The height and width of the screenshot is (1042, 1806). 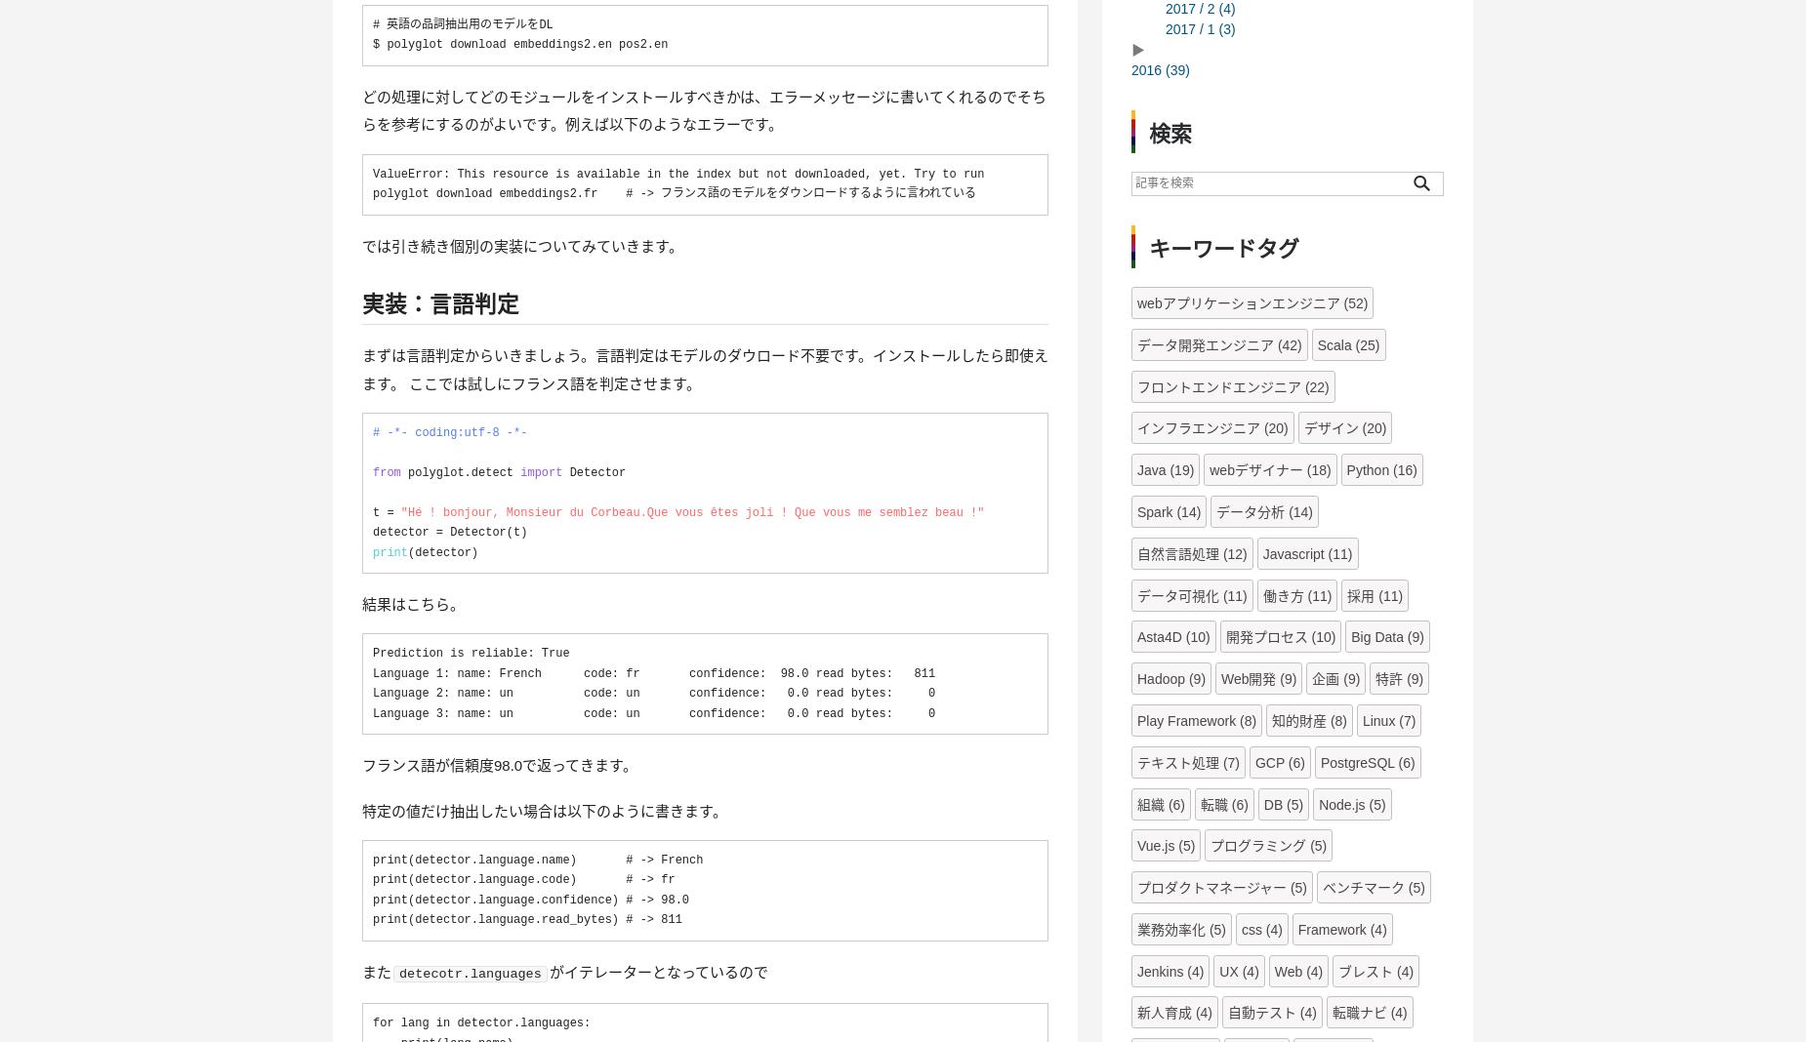 I want to click on 'webアプリケーションエンジニア (52)', so click(x=1251, y=301).